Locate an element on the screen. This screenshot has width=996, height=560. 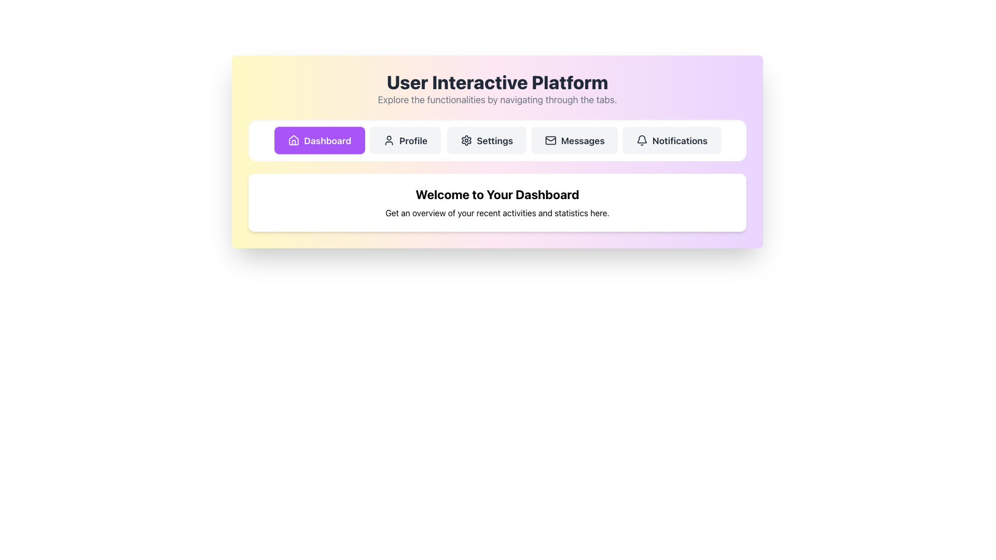
the cogwheel-shaped settings icon located to the left of the 'Settings' text in the navigation bar is located at coordinates (466, 140).